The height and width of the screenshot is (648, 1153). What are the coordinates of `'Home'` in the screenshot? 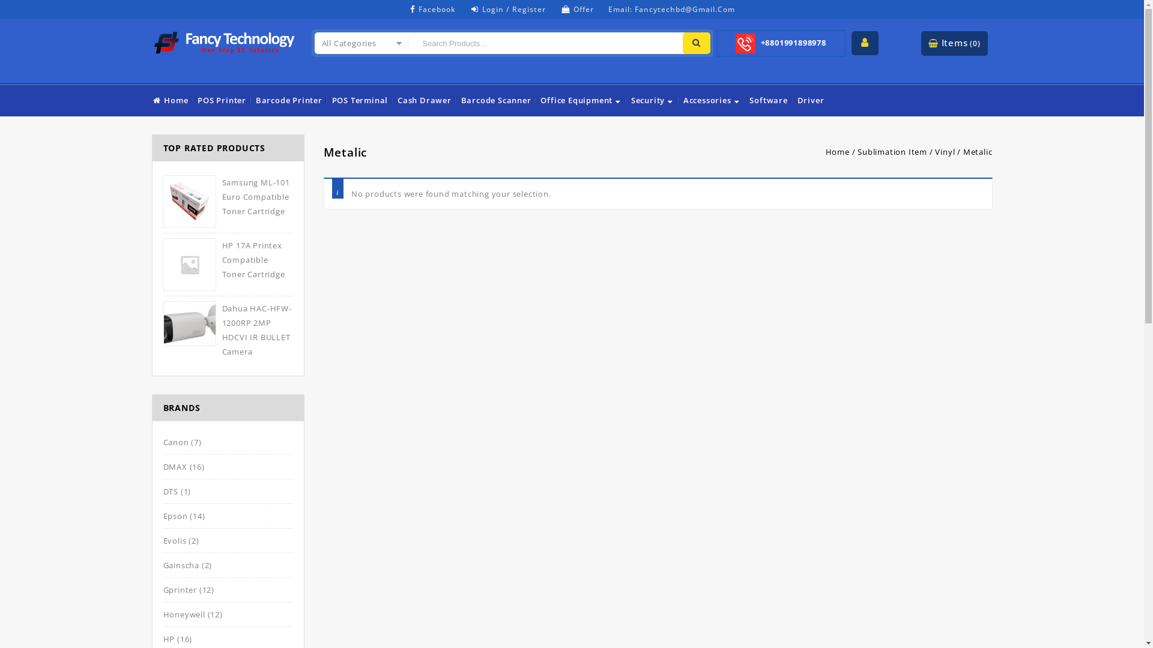 It's located at (169, 99).